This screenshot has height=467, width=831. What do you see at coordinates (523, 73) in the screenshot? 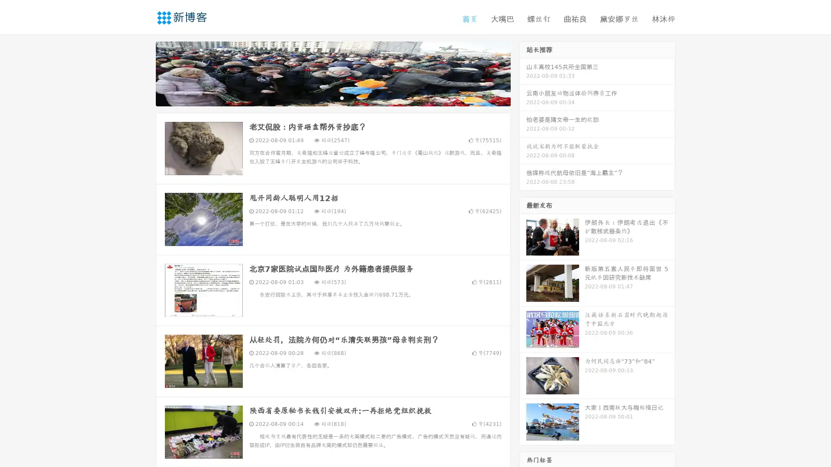
I see `Next slide` at bounding box center [523, 73].